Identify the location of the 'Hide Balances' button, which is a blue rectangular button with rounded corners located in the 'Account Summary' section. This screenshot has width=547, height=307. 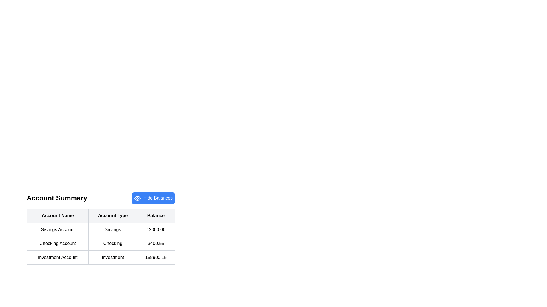
(153, 198).